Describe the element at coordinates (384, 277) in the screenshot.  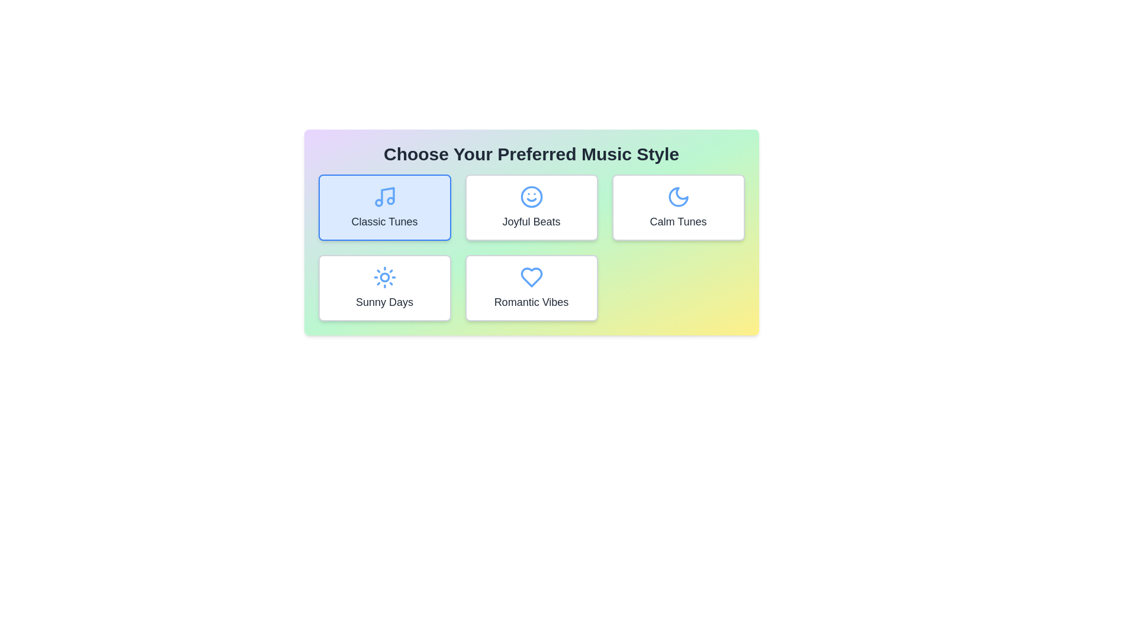
I see `the central circle of the sun icon within the button labeled 'Sunny Days'` at that location.